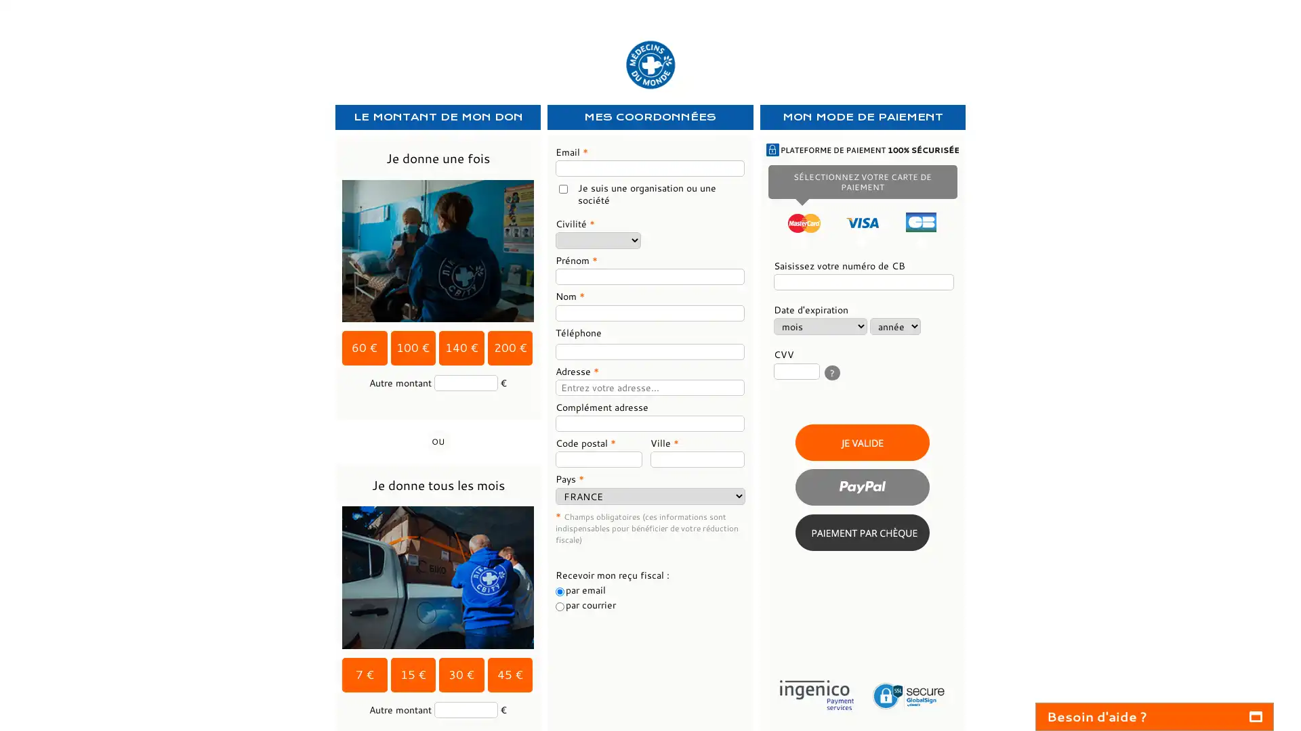 Image resolution: width=1301 pixels, height=731 pixels. Describe the element at coordinates (861, 485) in the screenshot. I see `Paypal` at that location.